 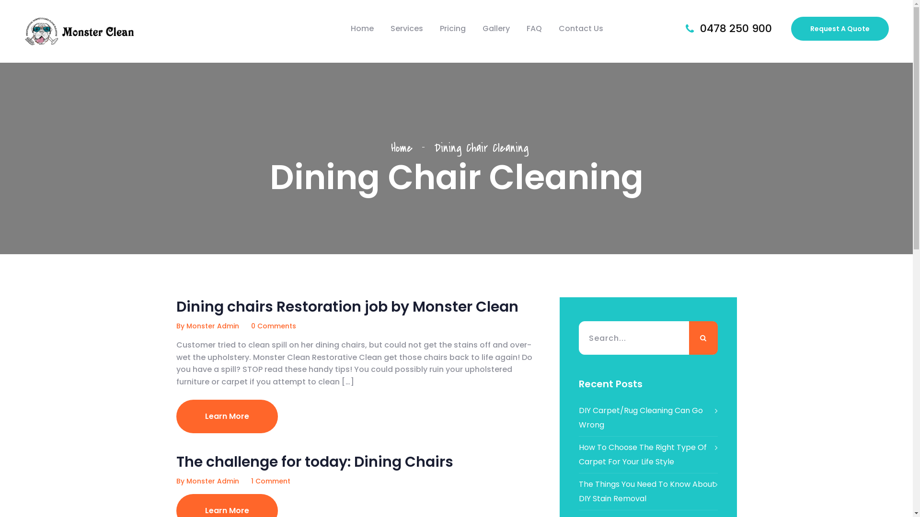 I want to click on 'The challenge for today: Dining Chairs', so click(x=315, y=461).